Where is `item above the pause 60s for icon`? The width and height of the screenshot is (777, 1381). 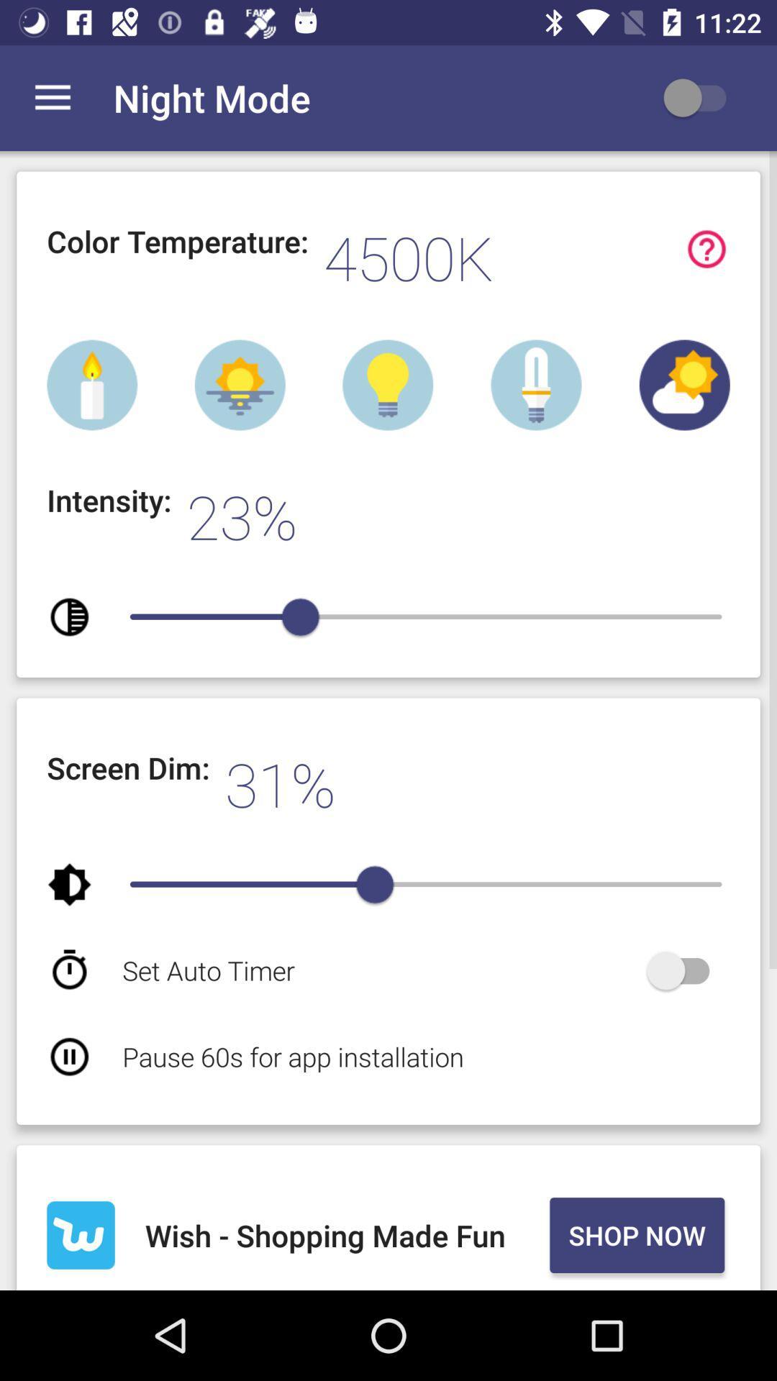 item above the pause 60s for icon is located at coordinates (381, 970).